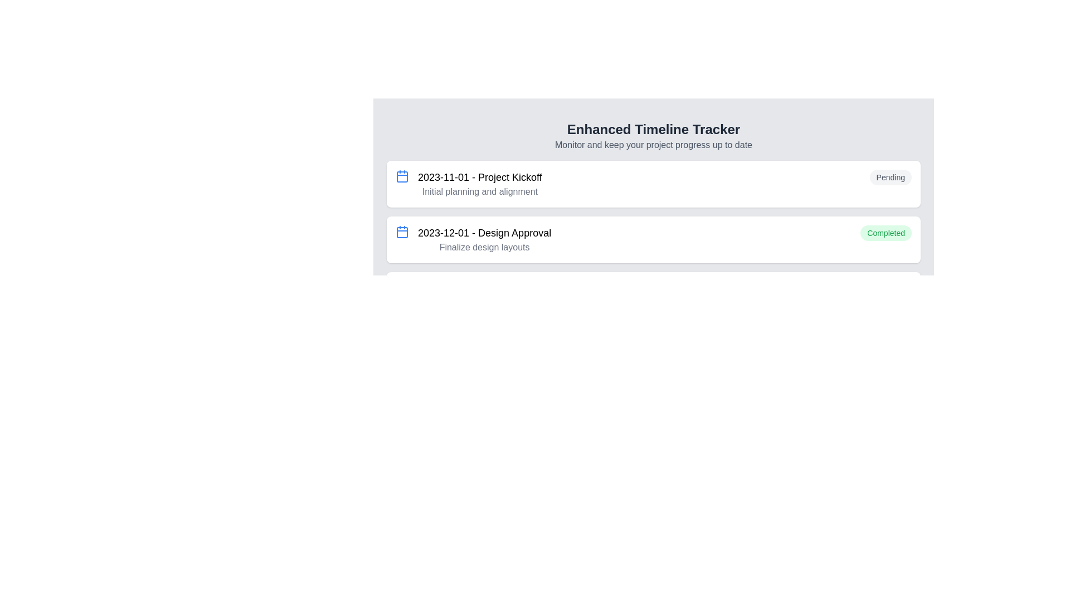  Describe the element at coordinates (484, 247) in the screenshot. I see `the descriptive text label located beneath the title '2023-12-01 - Design Approval' in the second timeline entry` at that location.